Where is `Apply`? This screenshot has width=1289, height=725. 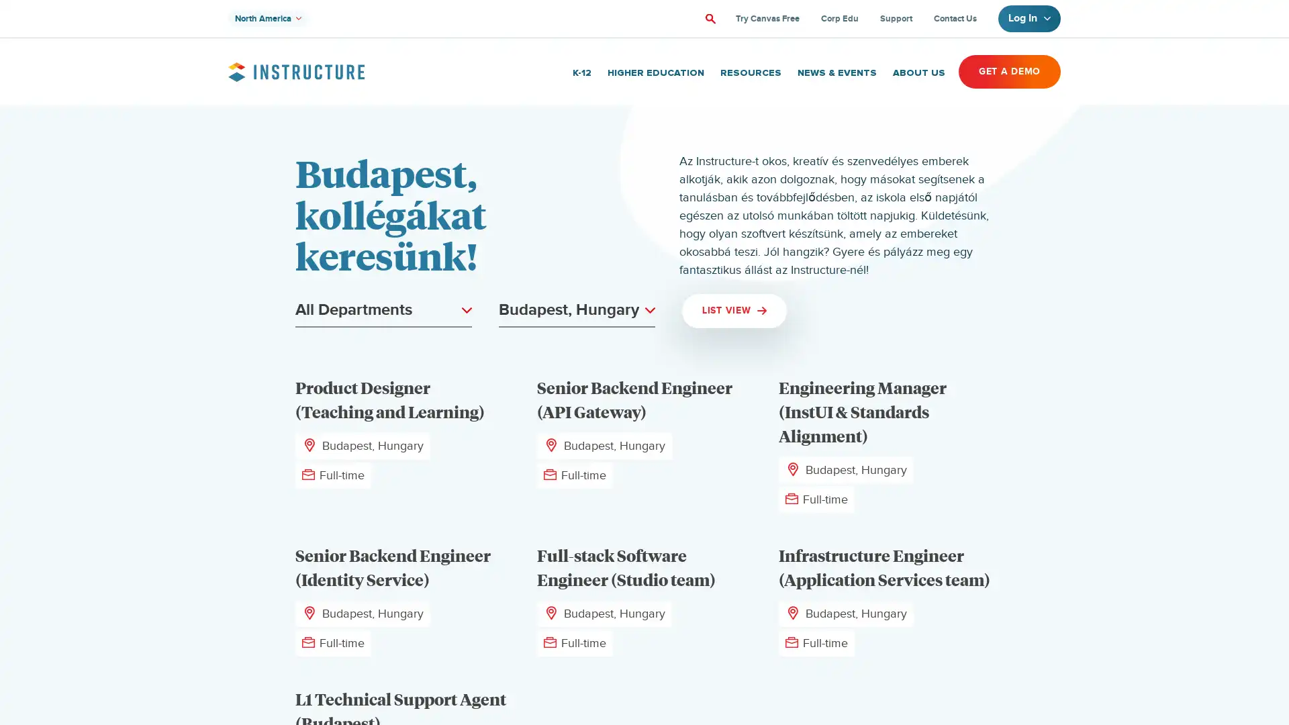 Apply is located at coordinates (708, 18).